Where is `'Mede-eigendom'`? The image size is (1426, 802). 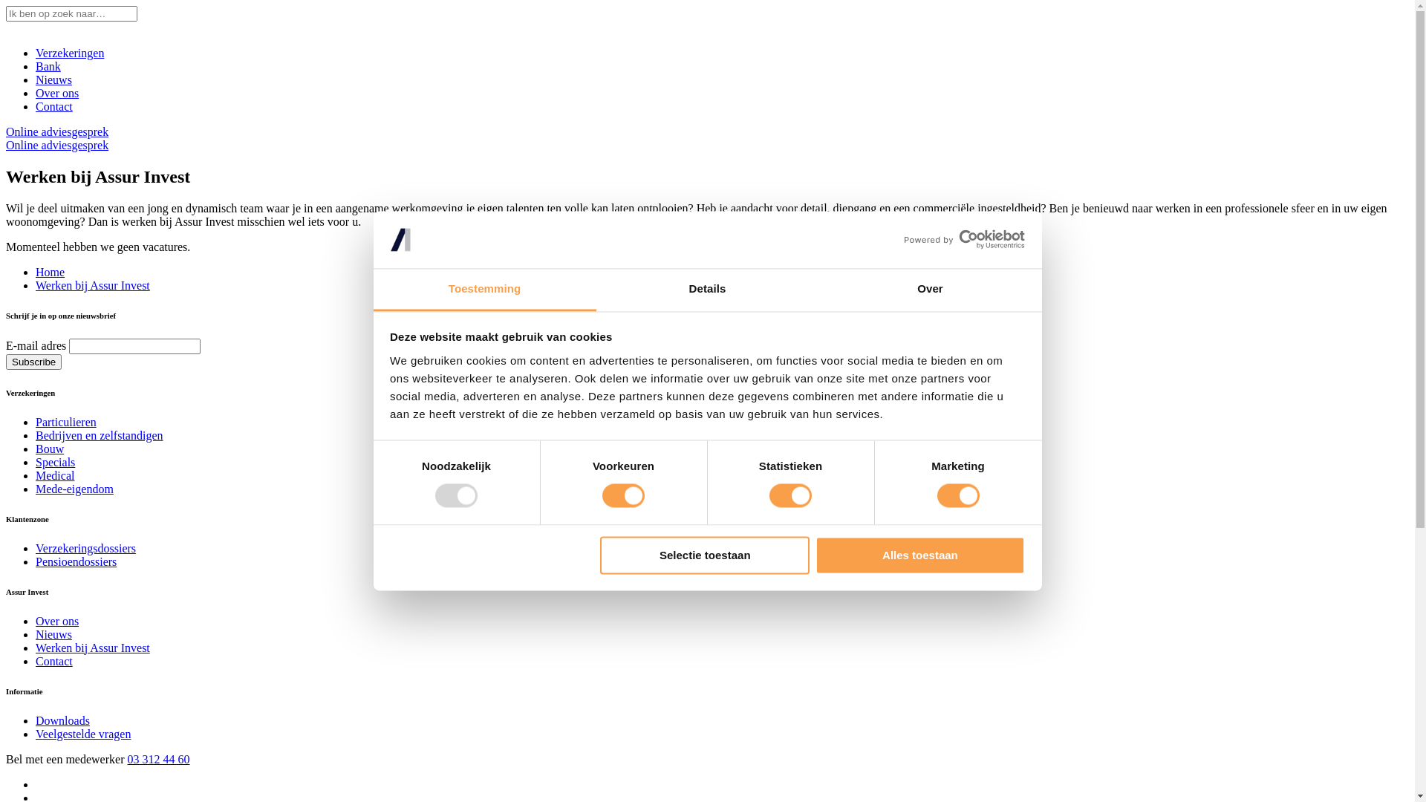 'Mede-eigendom' is located at coordinates (74, 489).